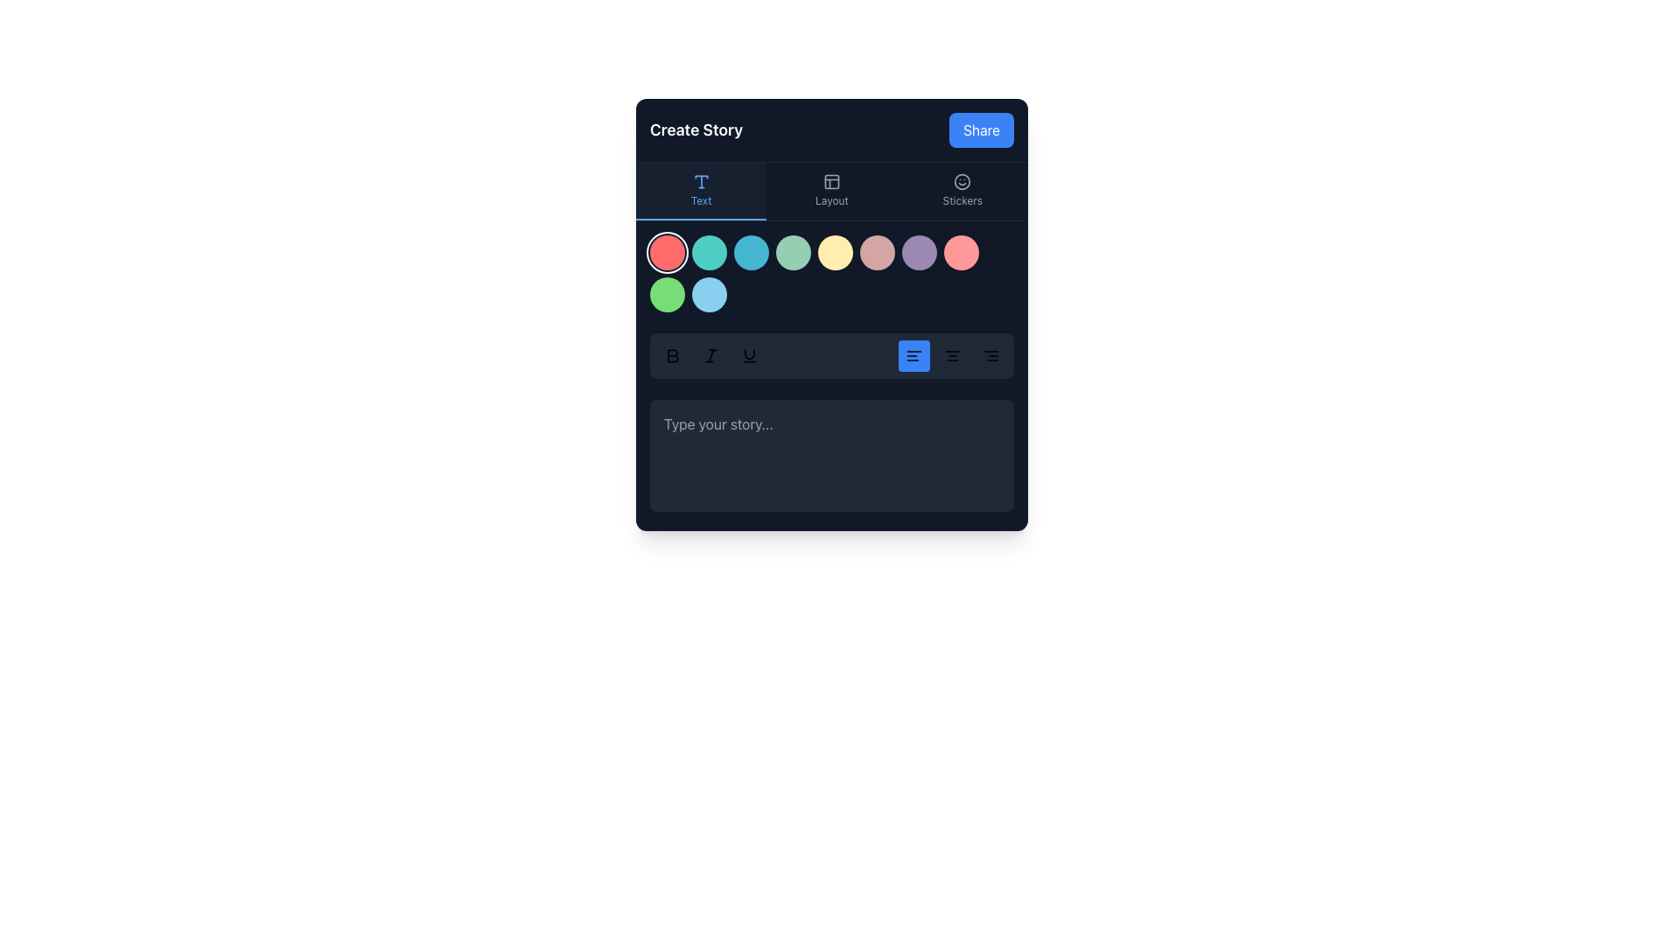 This screenshot has width=1680, height=945. I want to click on the right-aligned lines button in the text editor section of the 'Create Story' interface, so click(990, 355).